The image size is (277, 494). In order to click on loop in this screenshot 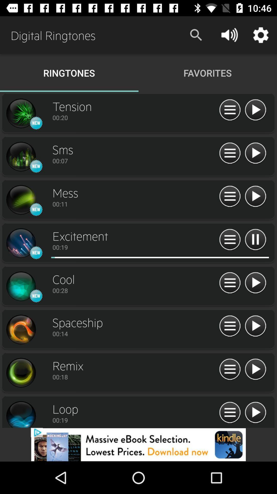, I will do `click(21, 414)`.